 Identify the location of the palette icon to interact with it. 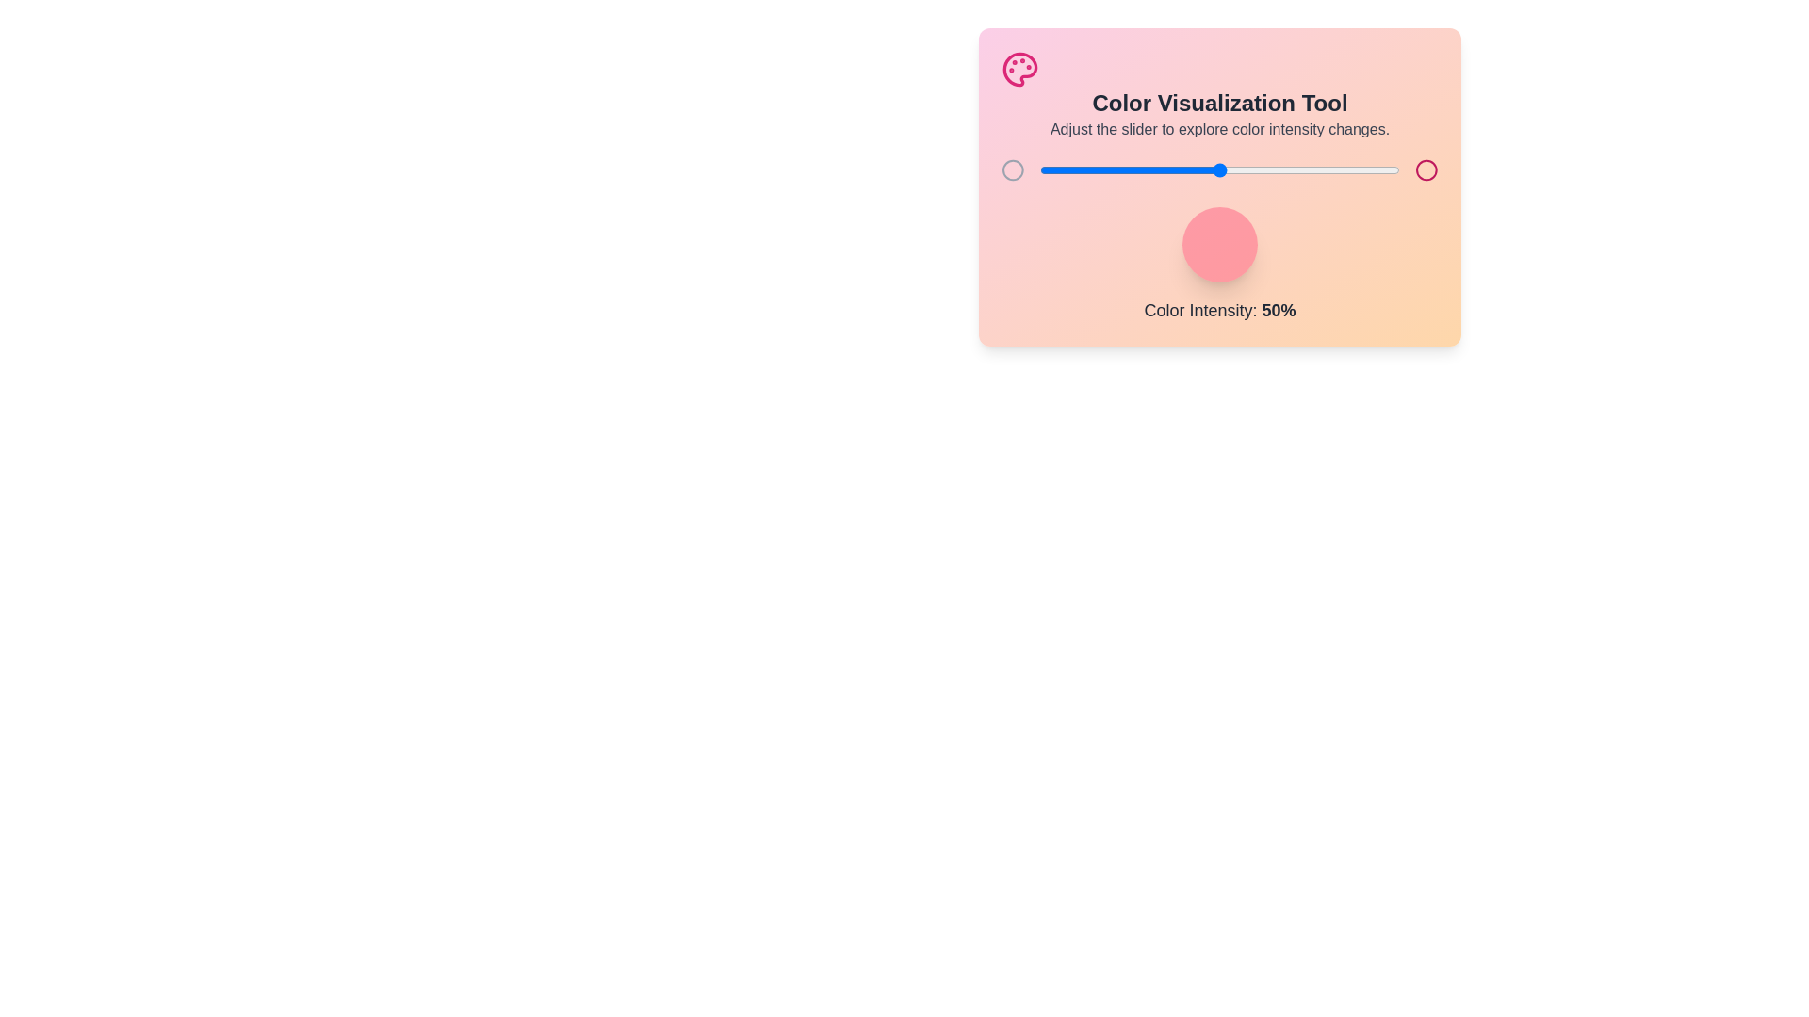
(1019, 68).